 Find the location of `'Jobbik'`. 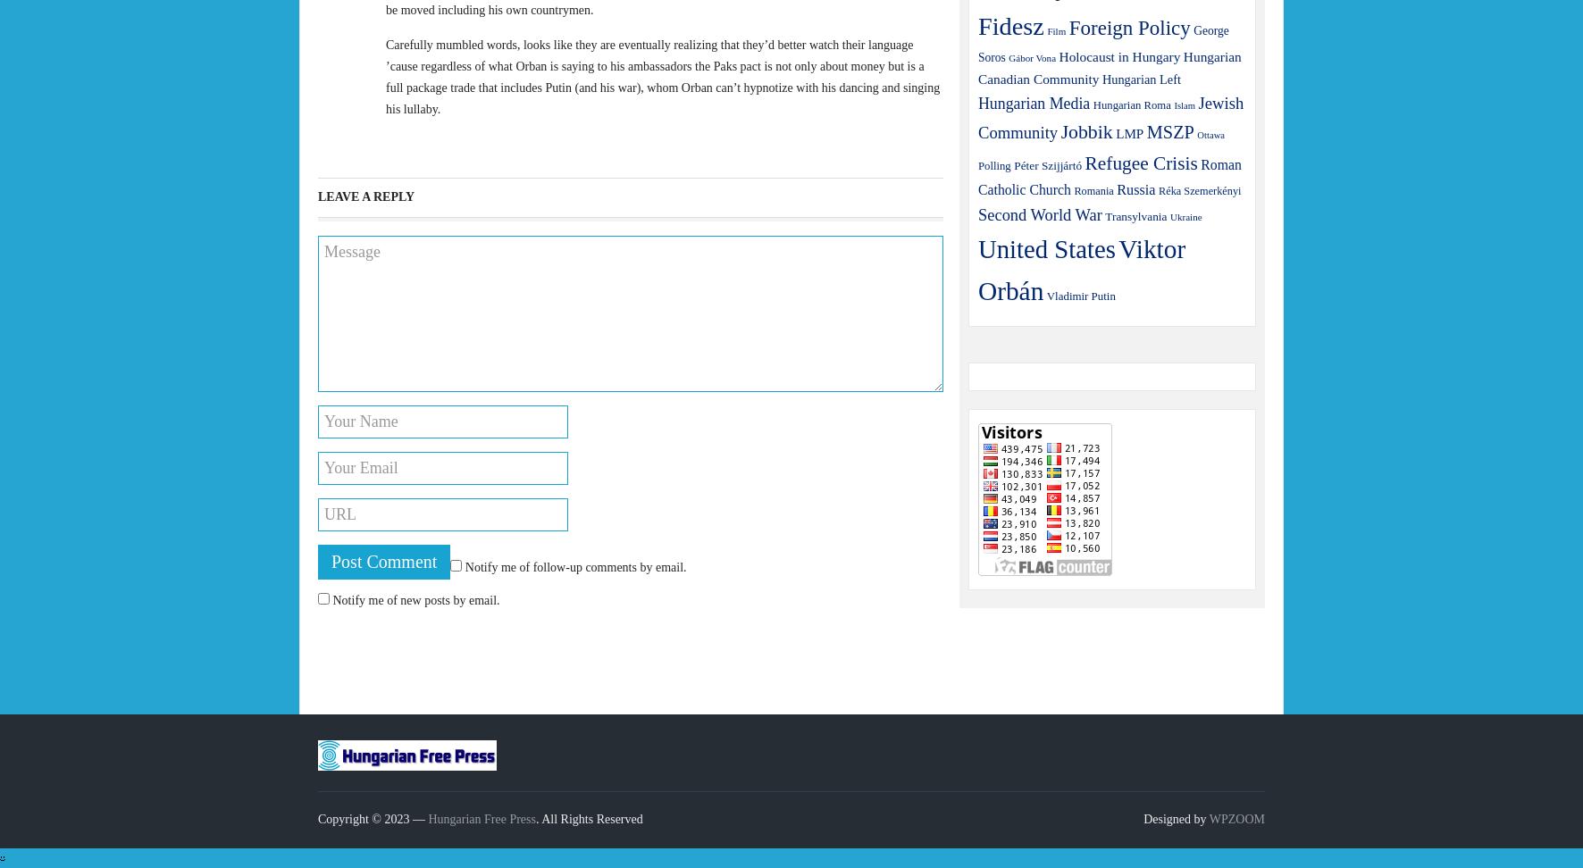

'Jobbik' is located at coordinates (1085, 132).